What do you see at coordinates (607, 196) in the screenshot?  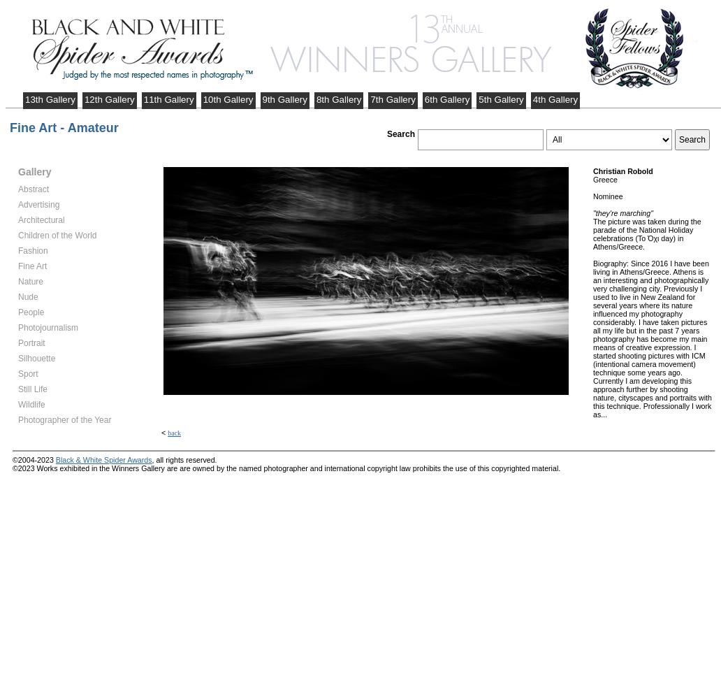 I see `'Nominee'` at bounding box center [607, 196].